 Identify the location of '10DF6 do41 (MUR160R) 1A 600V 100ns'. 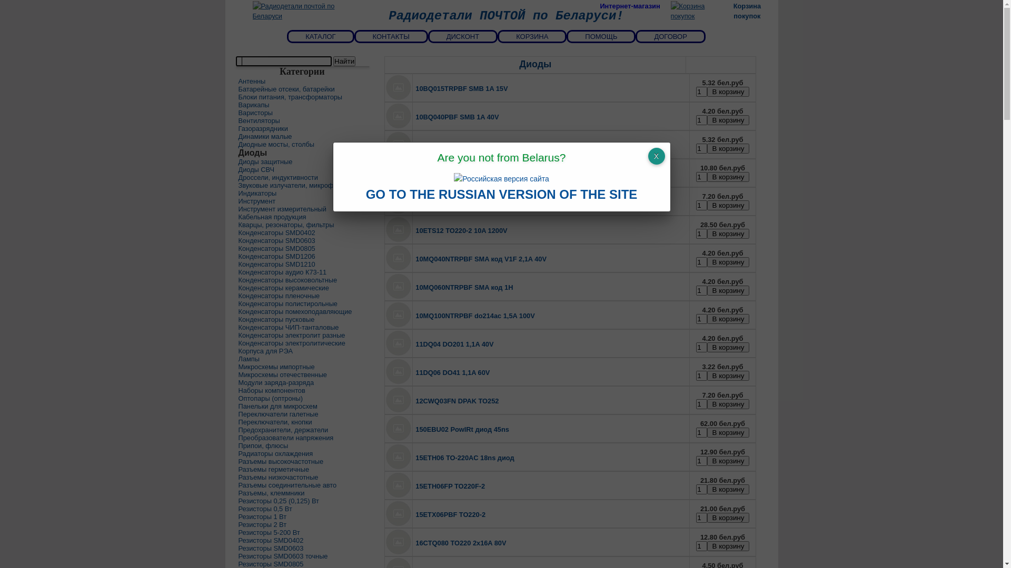
(477, 202).